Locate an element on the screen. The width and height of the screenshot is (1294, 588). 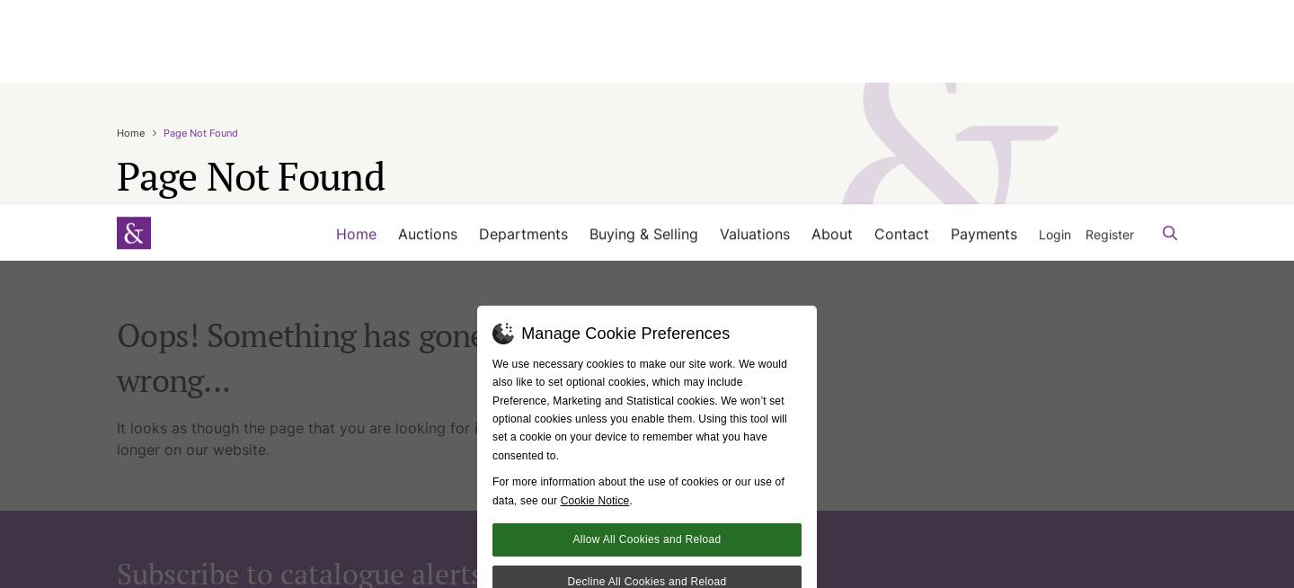
'Name' is located at coordinates (131, 368).